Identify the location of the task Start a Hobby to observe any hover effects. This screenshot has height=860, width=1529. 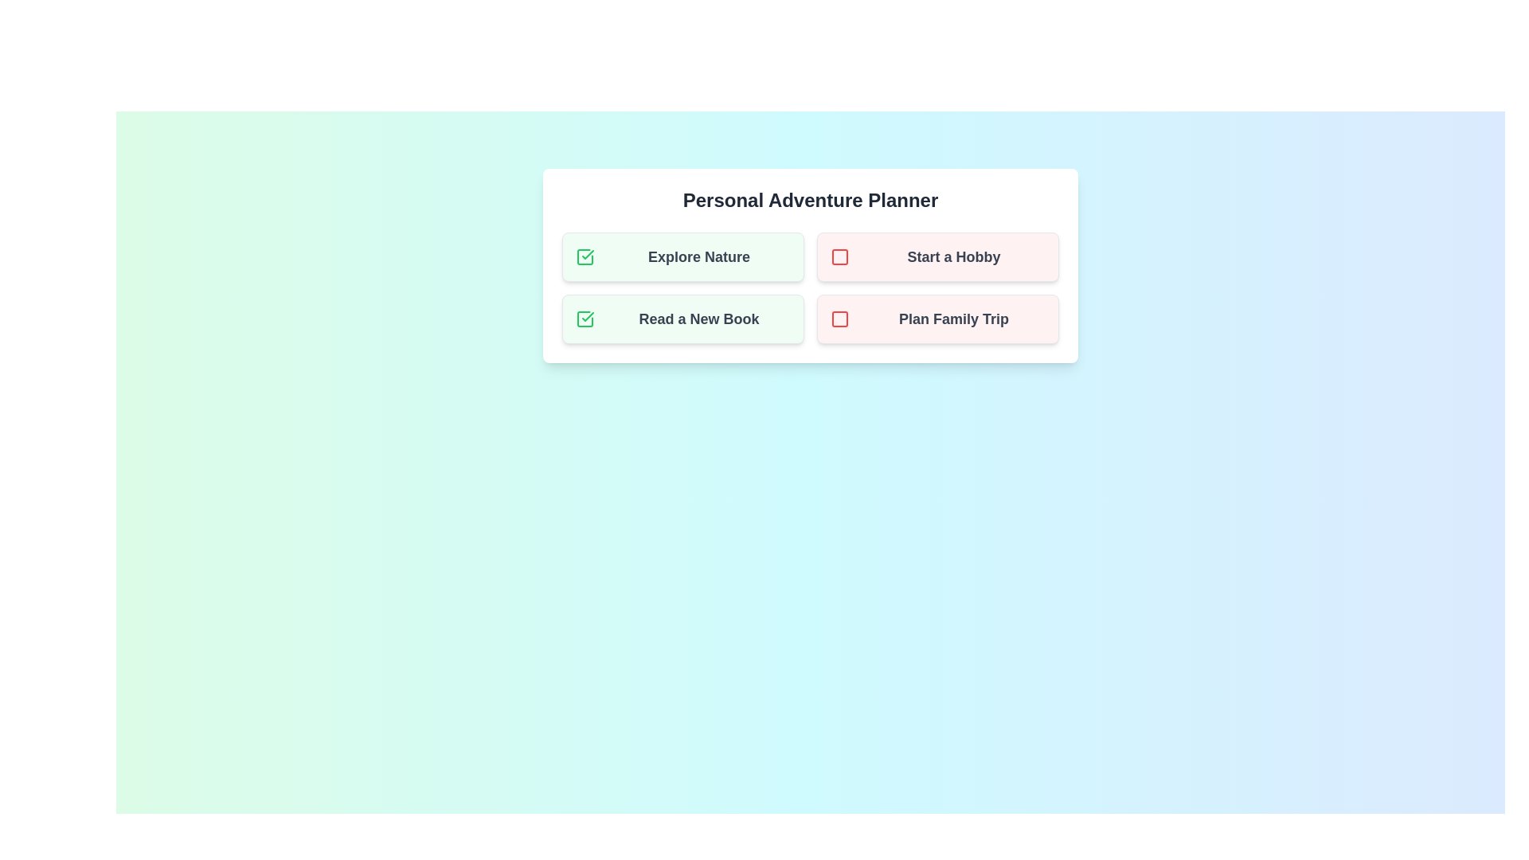
(937, 256).